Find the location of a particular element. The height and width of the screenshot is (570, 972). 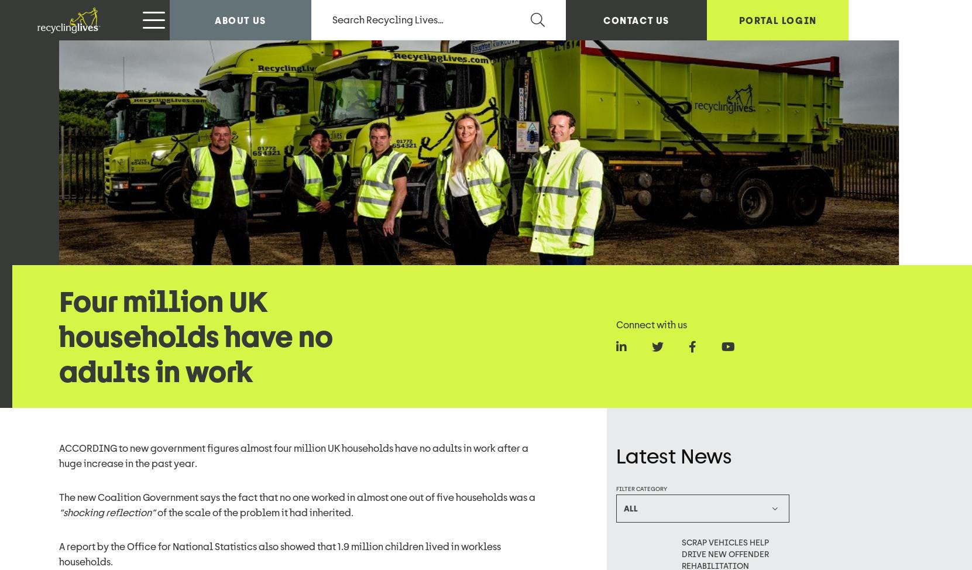

'Scrap vehicles help drive new offender rehabilitation programme at East Mids Prison' is located at coordinates (725, 43).